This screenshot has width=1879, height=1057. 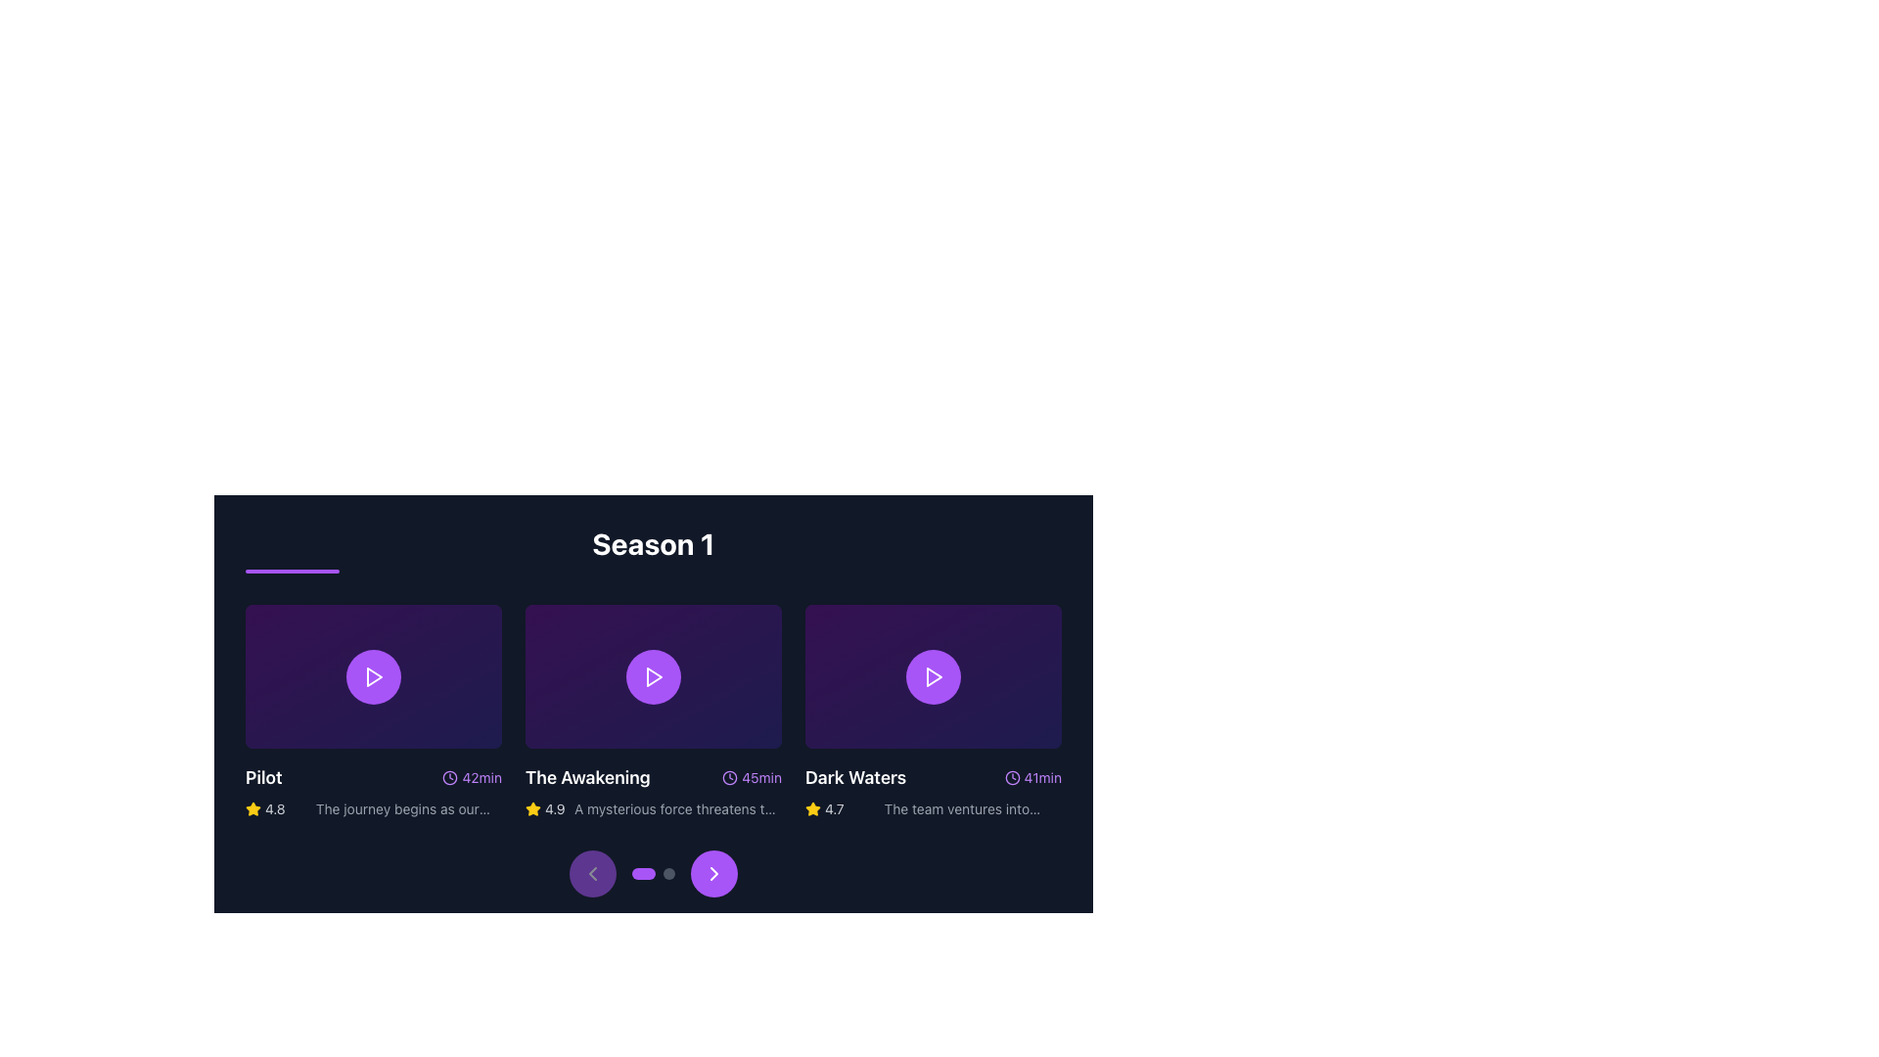 I want to click on the triangular play button icon within the purple circular background, so click(x=934, y=675).